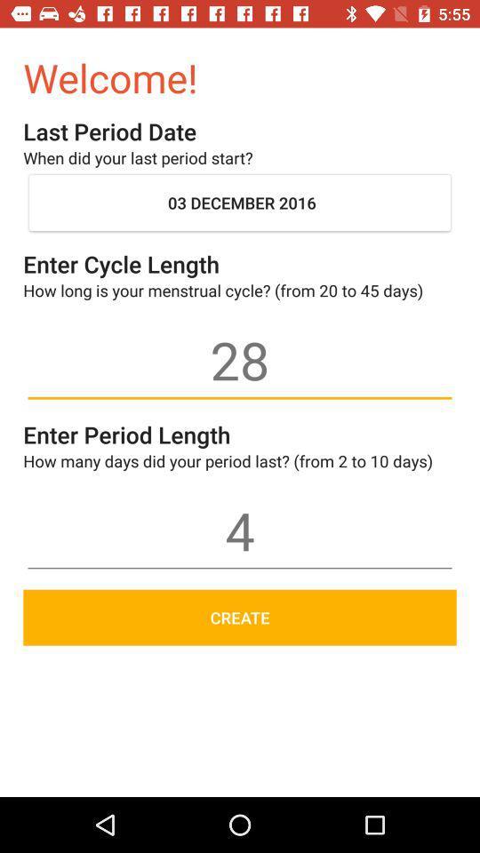 The image size is (480, 853). Describe the element at coordinates (240, 203) in the screenshot. I see `03 december 2016 item` at that location.